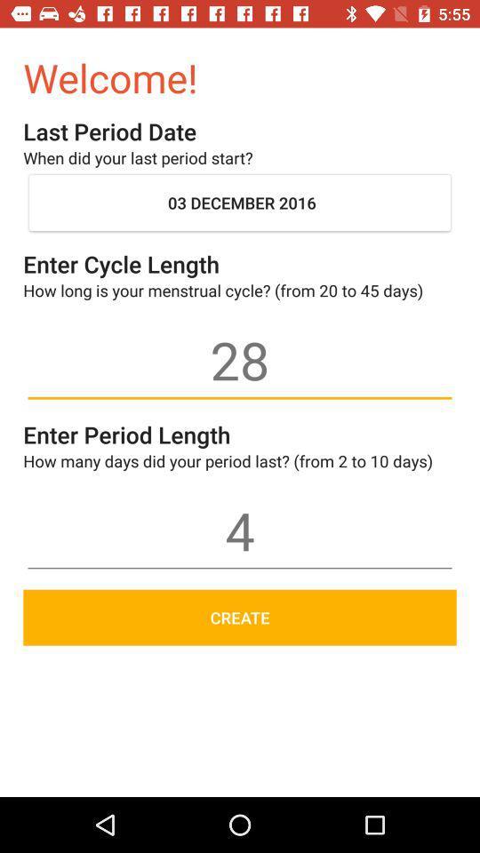 The image size is (480, 853). Describe the element at coordinates (240, 203) in the screenshot. I see `03 december 2016 item` at that location.